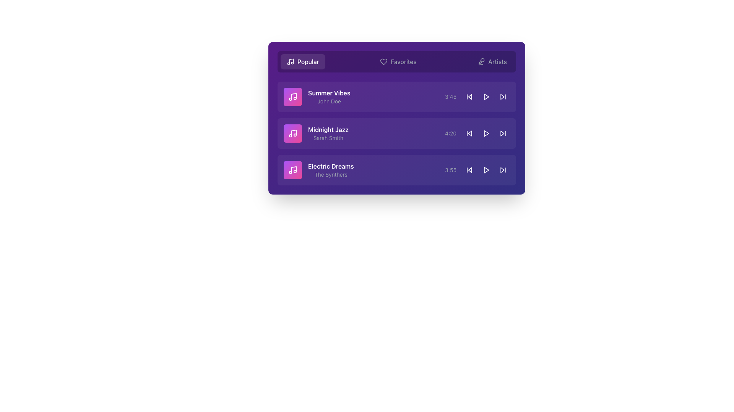 This screenshot has width=734, height=412. Describe the element at coordinates (502, 170) in the screenshot. I see `the 'skip forward' button located to the far right of the 'Electric Dreams' song entry in the playlist interface` at that location.